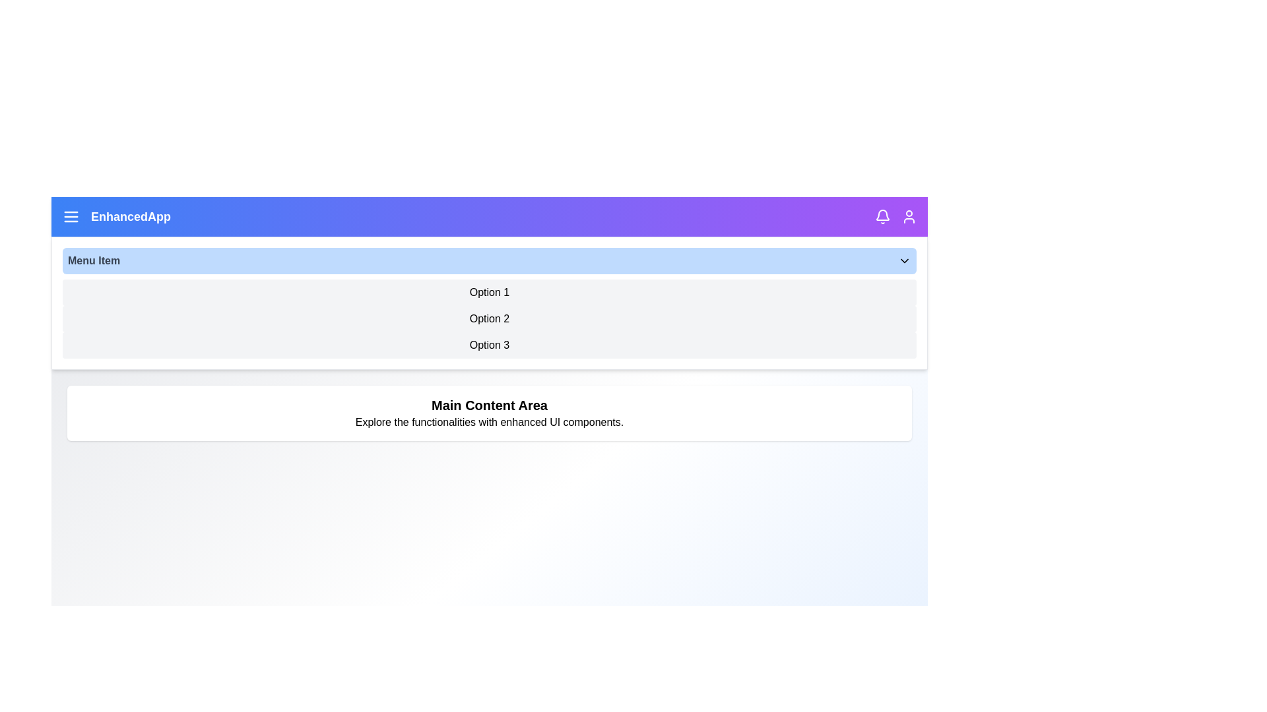  Describe the element at coordinates (71, 216) in the screenshot. I see `the menu icon in the top-left corner of the app bar` at that location.